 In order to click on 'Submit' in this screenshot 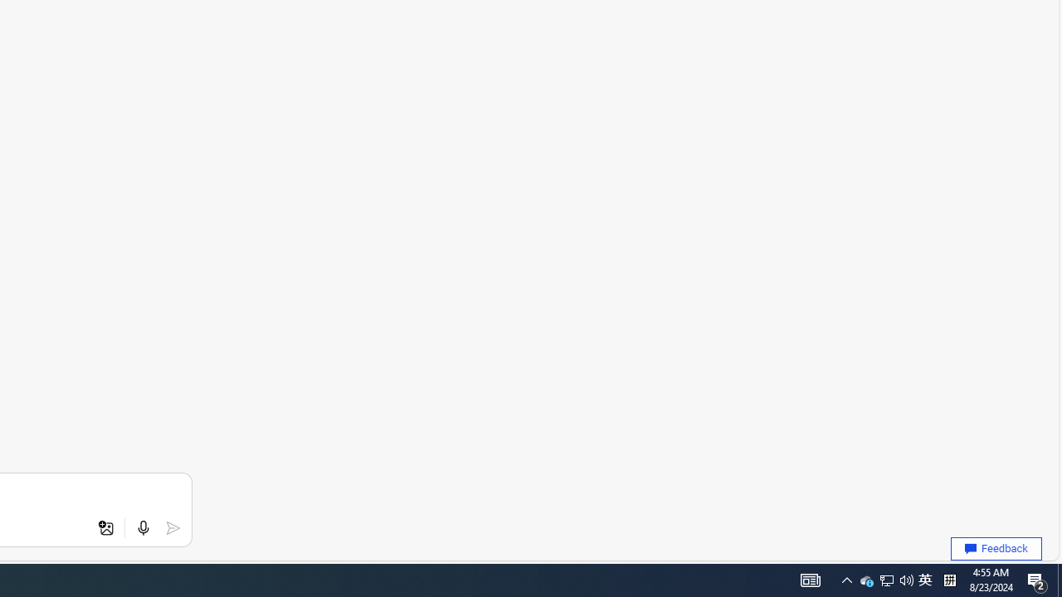, I will do `click(173, 528)`.